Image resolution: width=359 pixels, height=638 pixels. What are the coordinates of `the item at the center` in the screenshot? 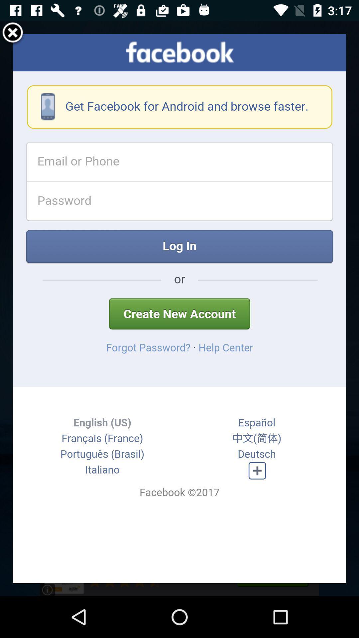 It's located at (179, 308).